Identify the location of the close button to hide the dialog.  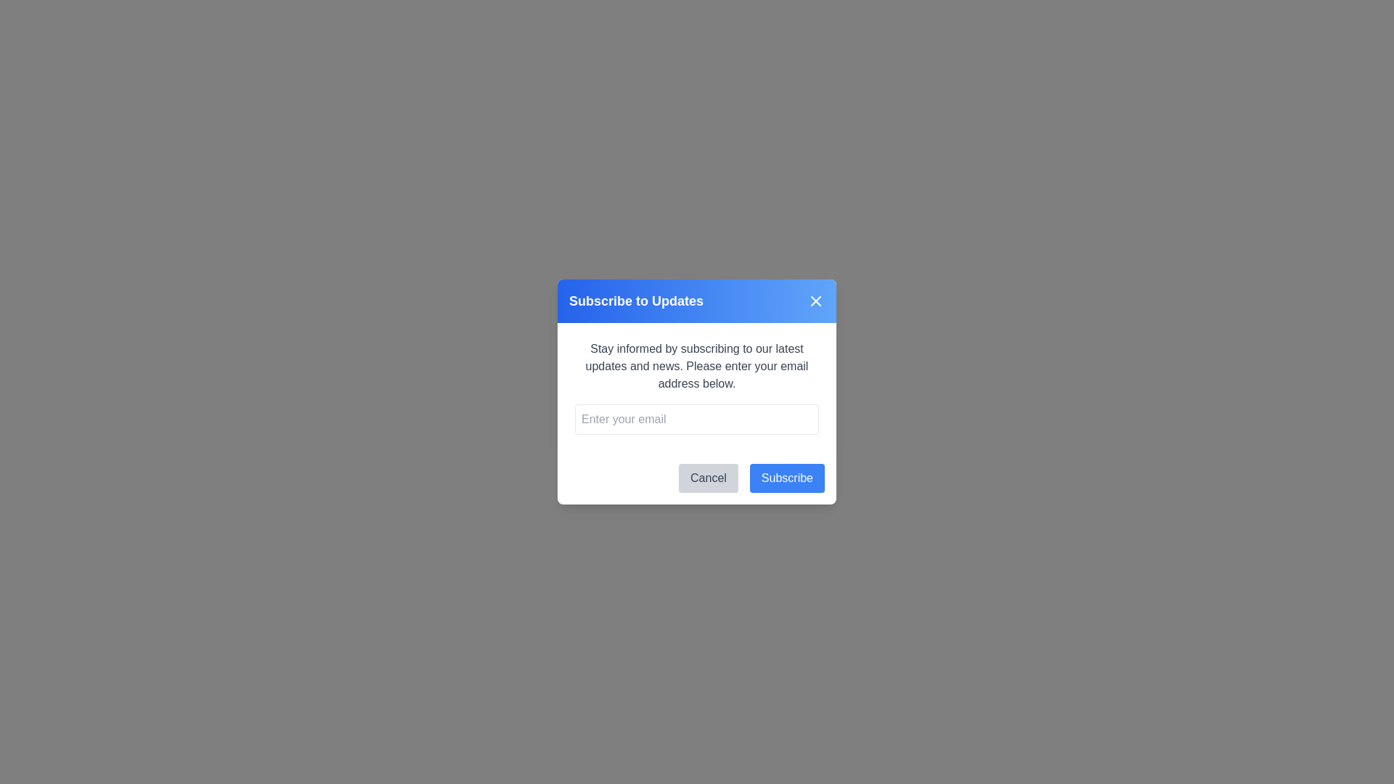
(815, 301).